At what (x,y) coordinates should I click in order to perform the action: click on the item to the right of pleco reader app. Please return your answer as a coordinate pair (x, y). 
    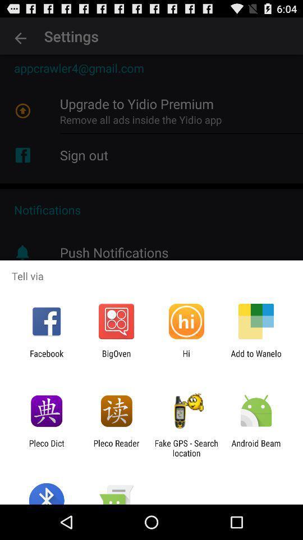
    Looking at the image, I should click on (186, 448).